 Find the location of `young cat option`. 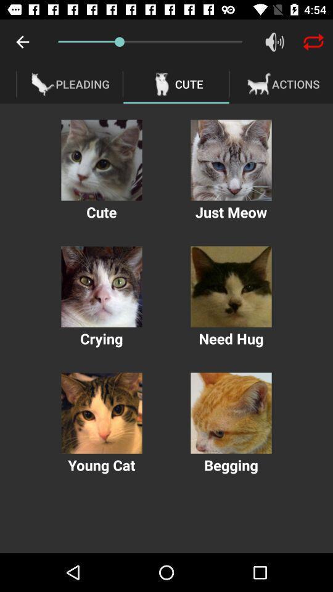

young cat option is located at coordinates (101, 413).